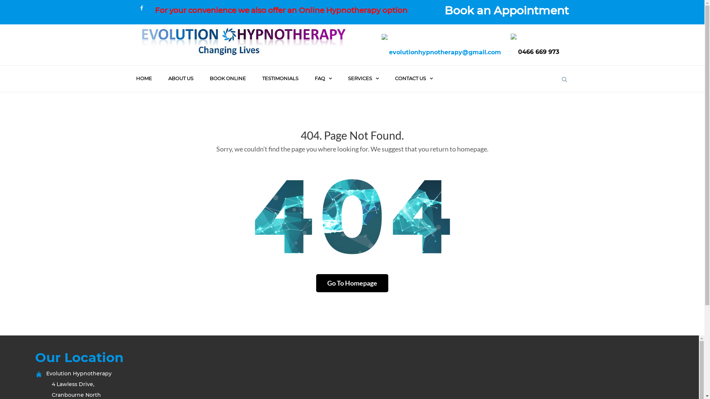 The image size is (710, 399). Describe the element at coordinates (395, 78) in the screenshot. I see `'CONTACT US'` at that location.